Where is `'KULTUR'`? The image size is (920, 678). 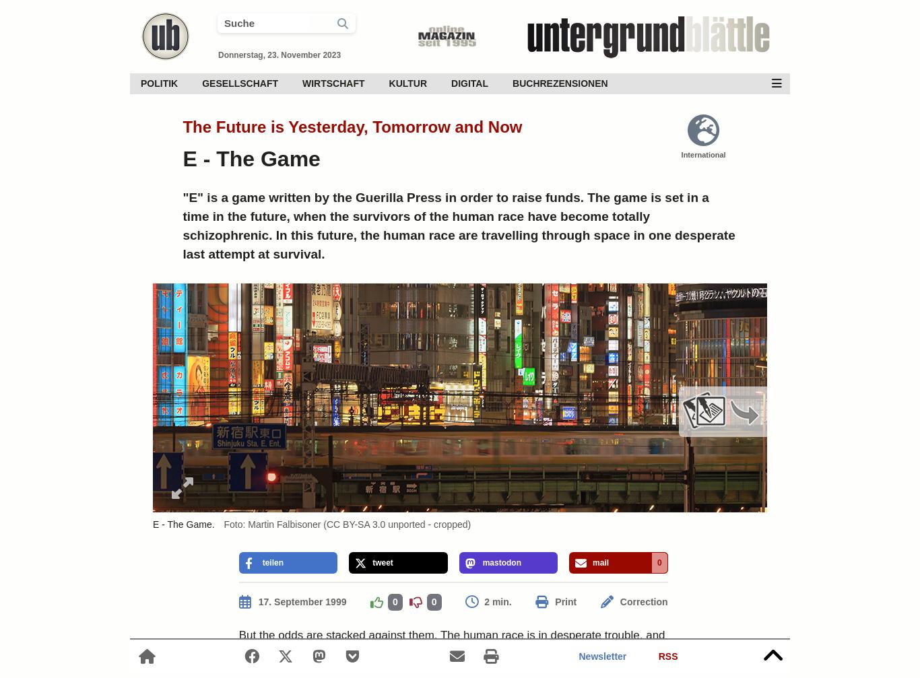 'KULTUR' is located at coordinates (407, 83).